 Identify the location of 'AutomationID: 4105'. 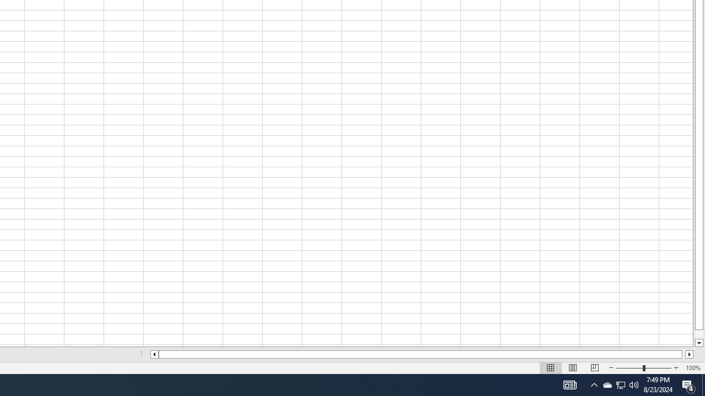
(570, 384).